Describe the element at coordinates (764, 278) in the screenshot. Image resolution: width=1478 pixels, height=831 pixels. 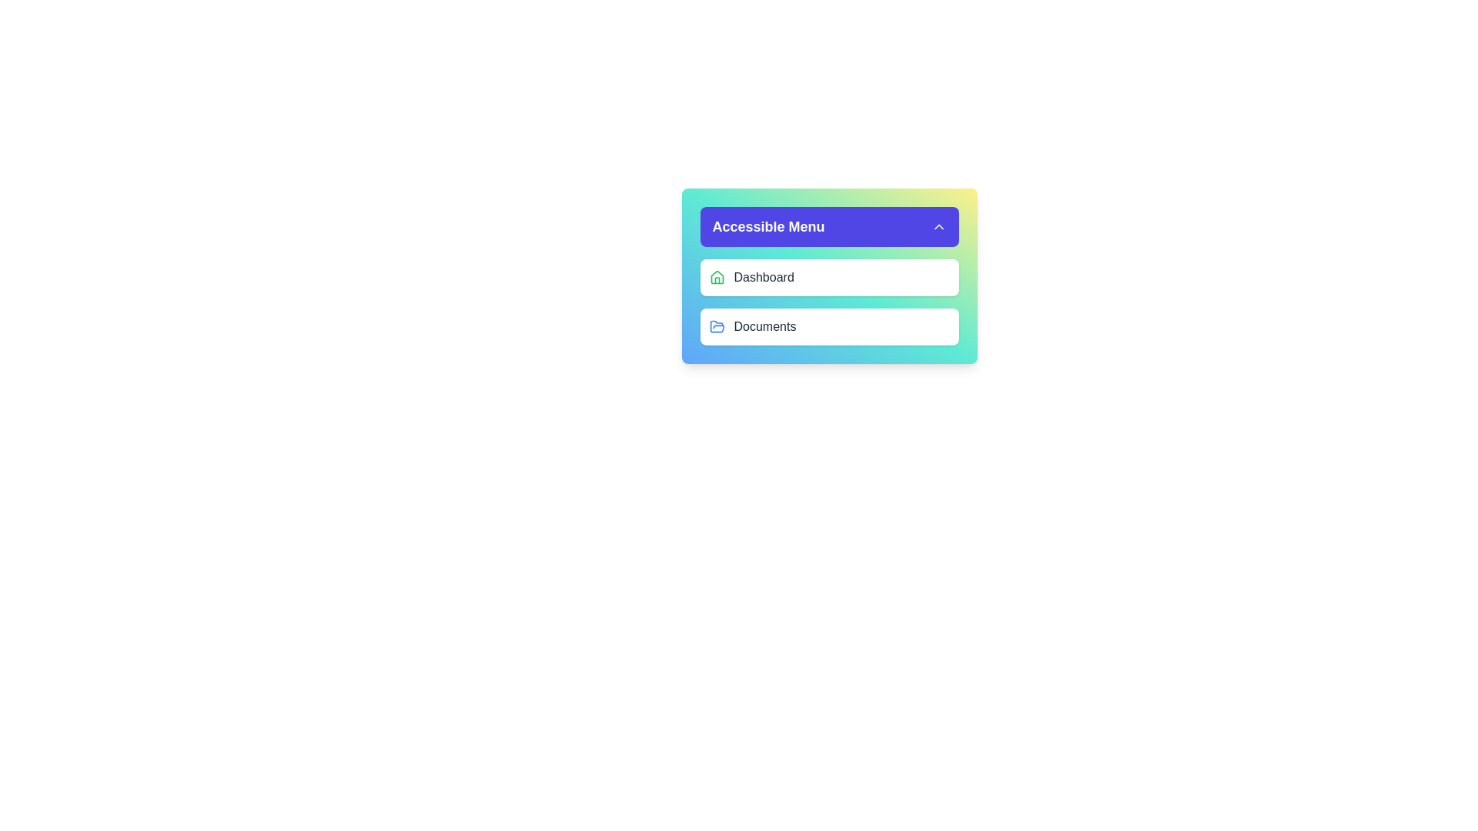
I see `the label indicating a navigation item for the dashboard, which is aligned with a green house icon and is the first interactive element below the 'Accessible Menu' title` at that location.